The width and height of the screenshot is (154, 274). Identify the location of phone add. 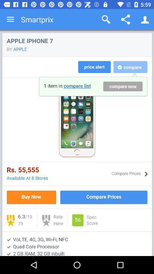
(77, 143).